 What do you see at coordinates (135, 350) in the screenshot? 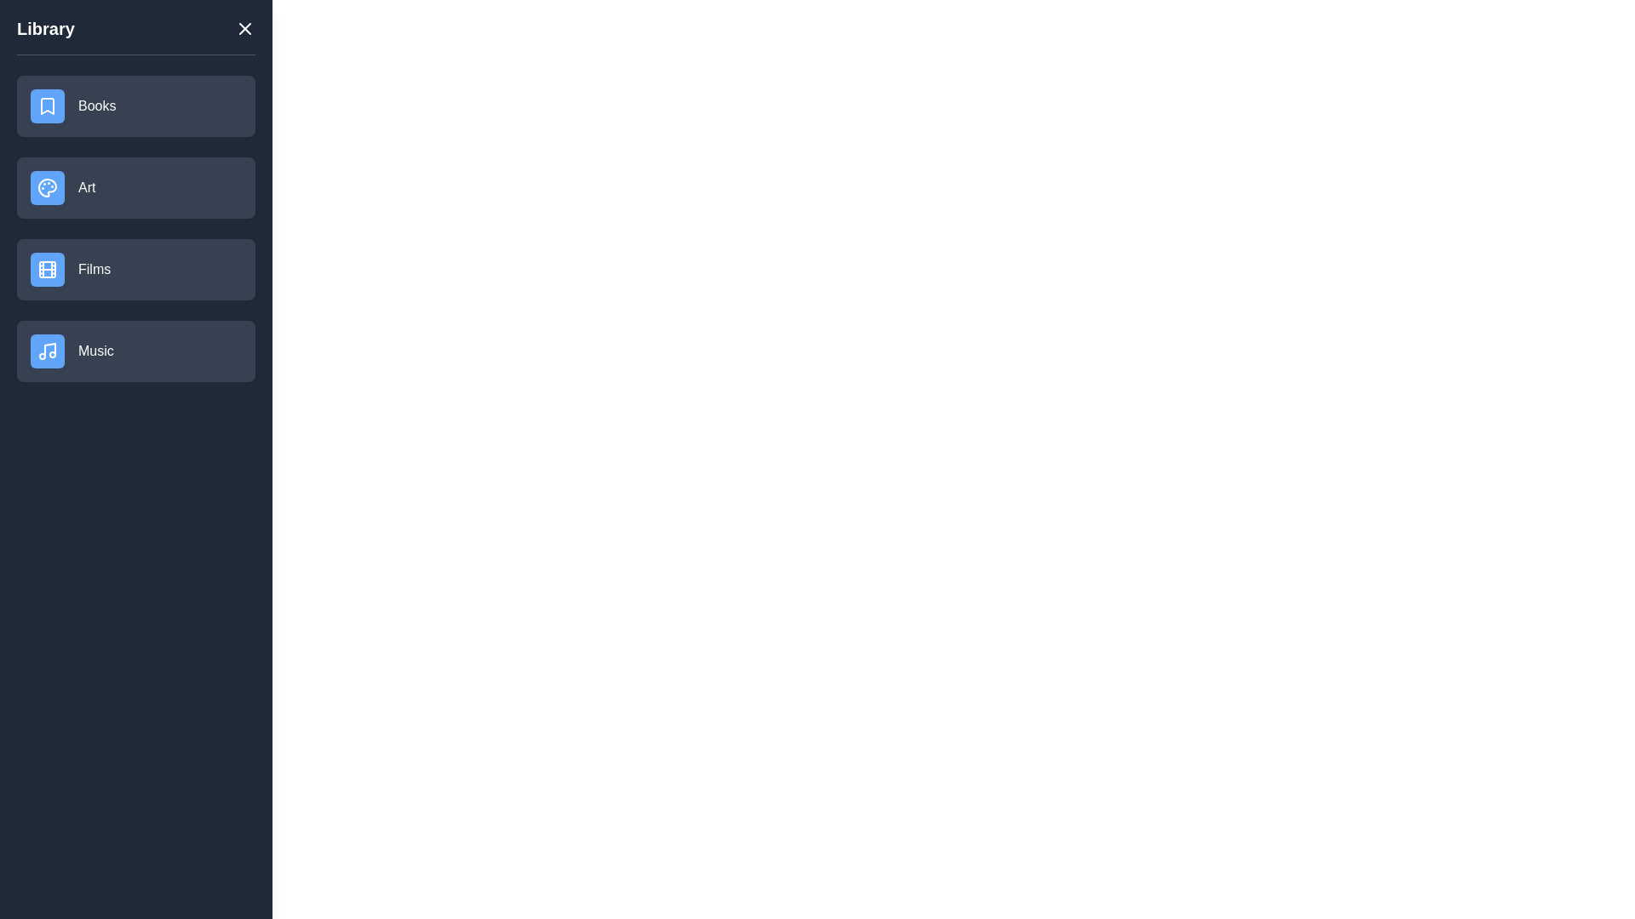
I see `the category Music from the list` at bounding box center [135, 350].